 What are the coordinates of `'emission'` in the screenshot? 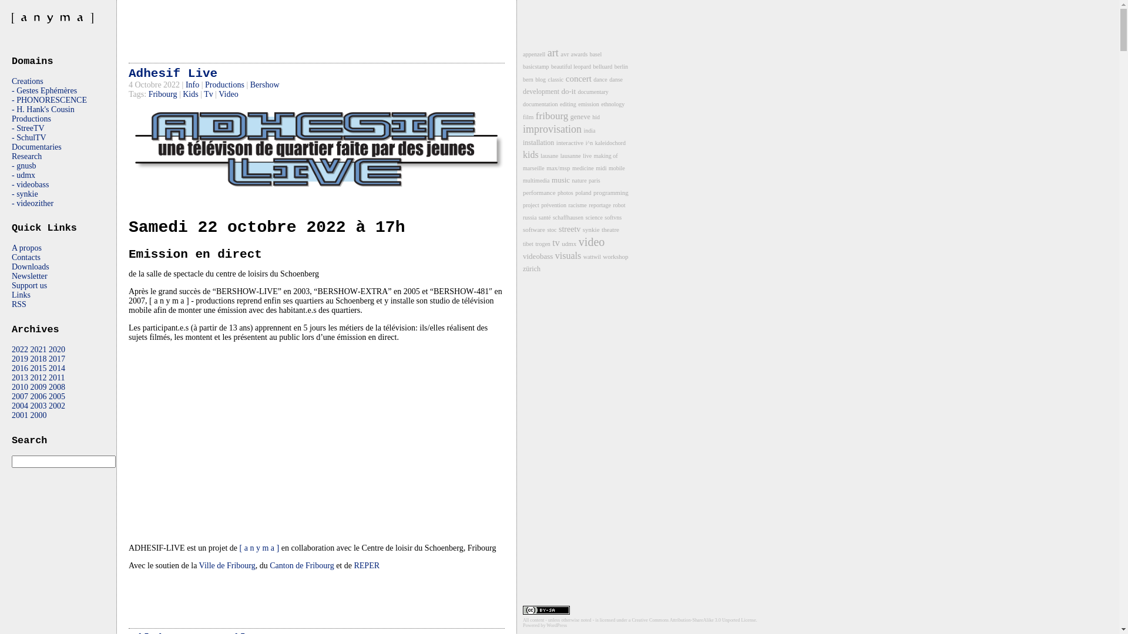 It's located at (589, 103).